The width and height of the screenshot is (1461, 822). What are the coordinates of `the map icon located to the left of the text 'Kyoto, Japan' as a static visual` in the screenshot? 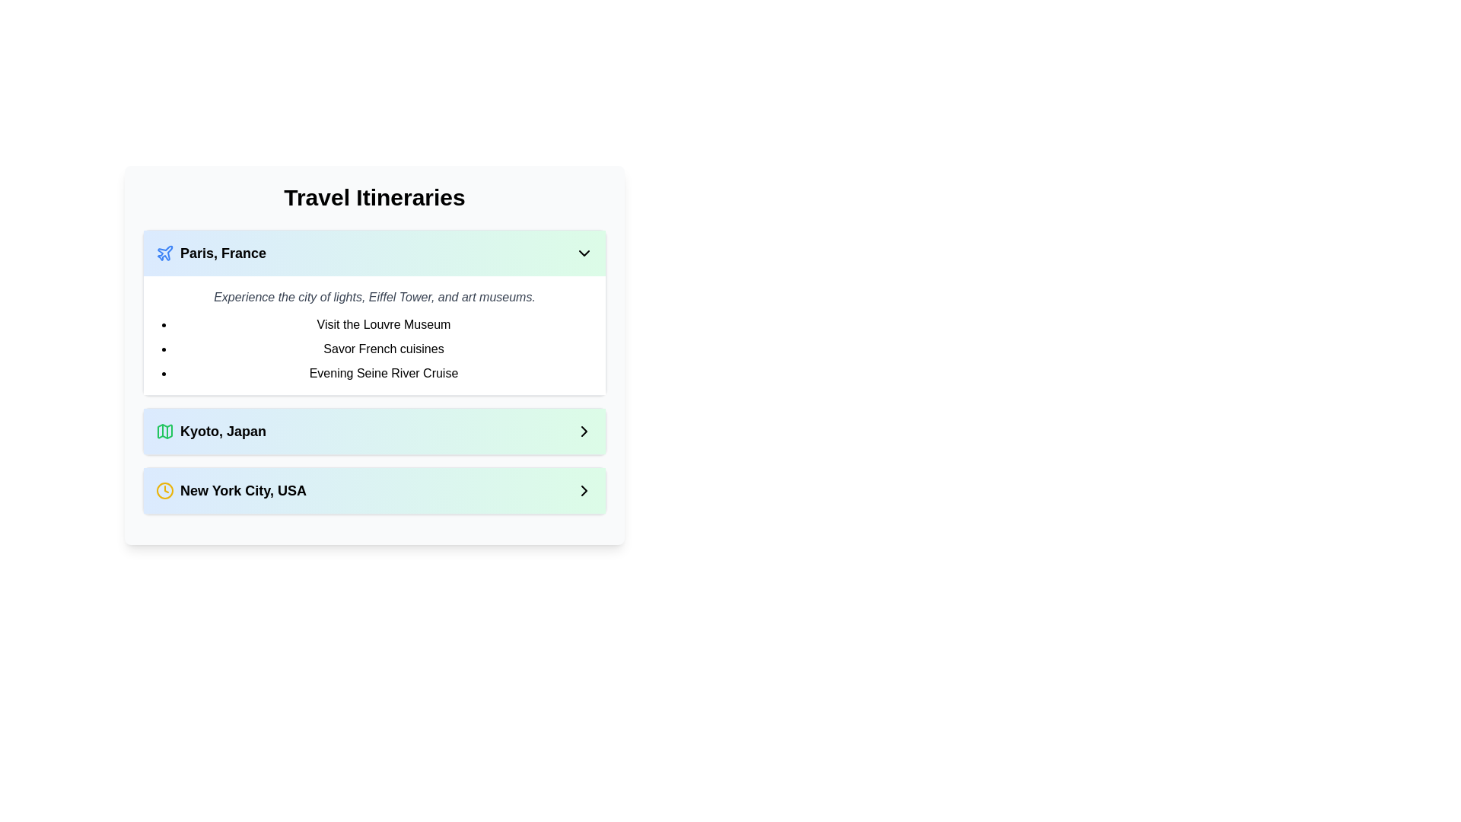 It's located at (164, 432).